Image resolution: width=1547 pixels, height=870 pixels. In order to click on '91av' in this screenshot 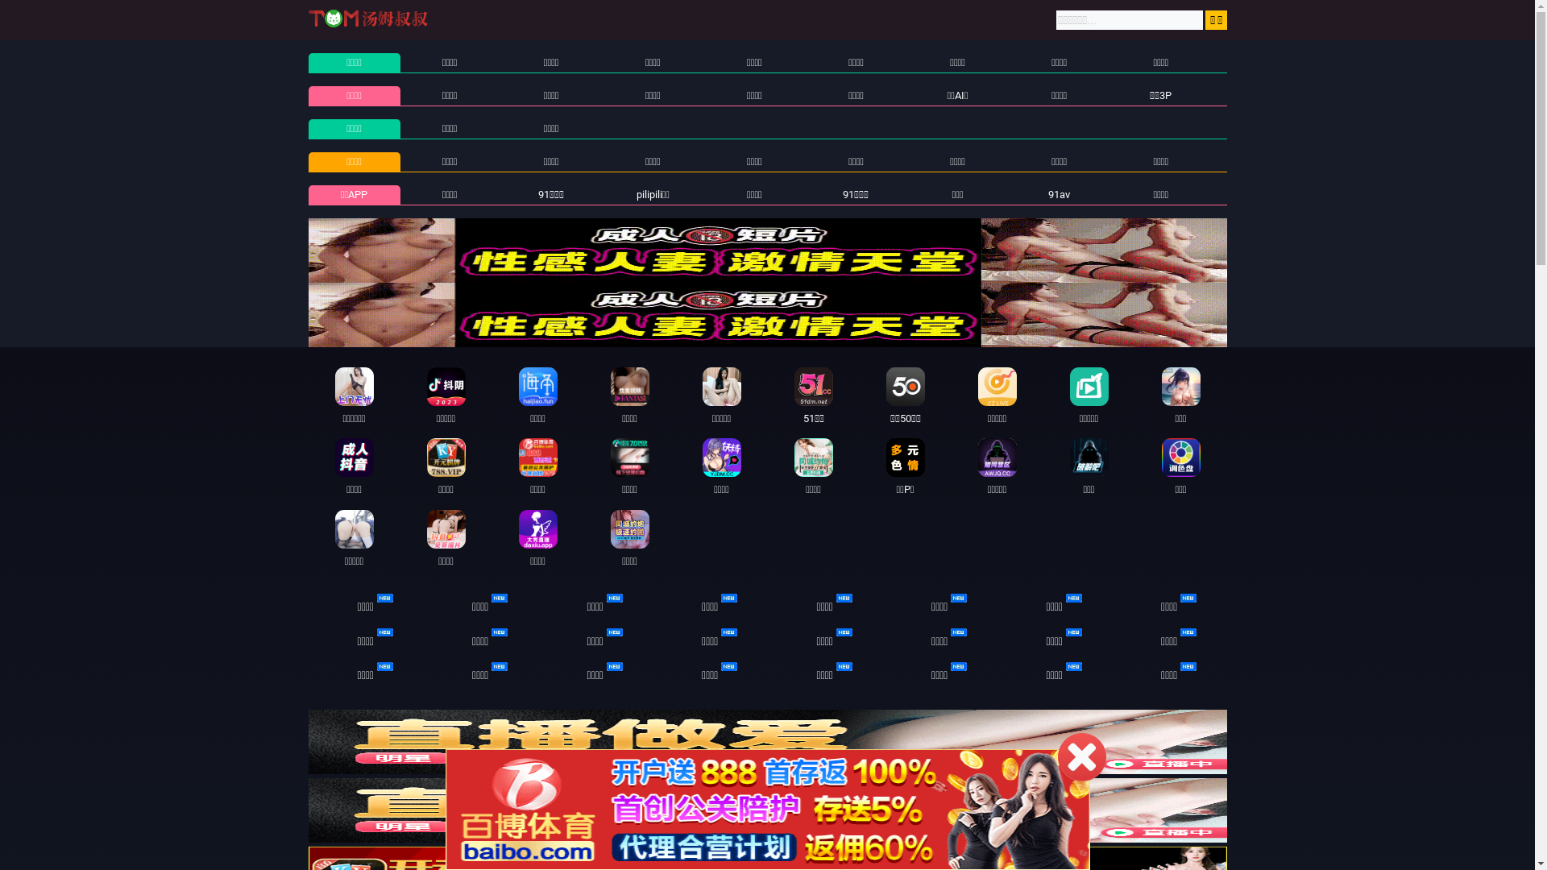, I will do `click(1047, 193)`.